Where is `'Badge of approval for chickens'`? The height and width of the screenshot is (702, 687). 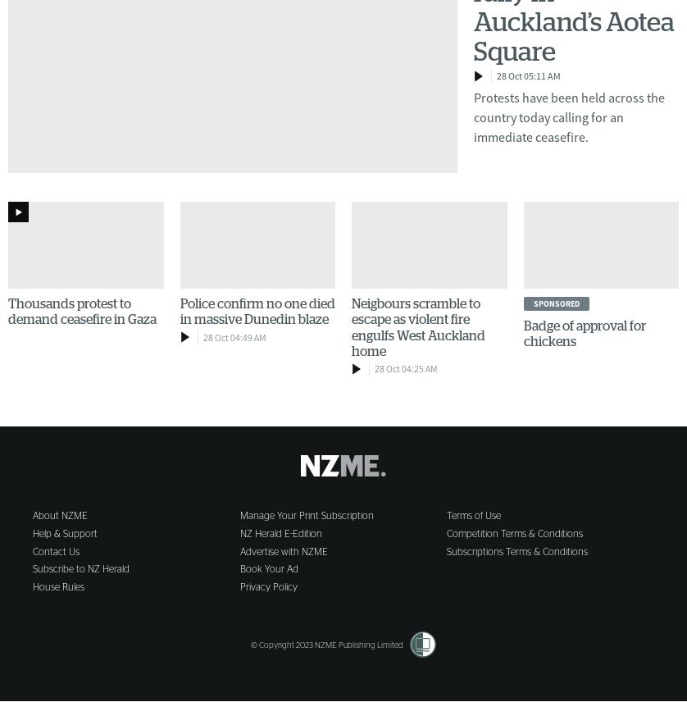
'Badge of approval for chickens' is located at coordinates (583, 333).